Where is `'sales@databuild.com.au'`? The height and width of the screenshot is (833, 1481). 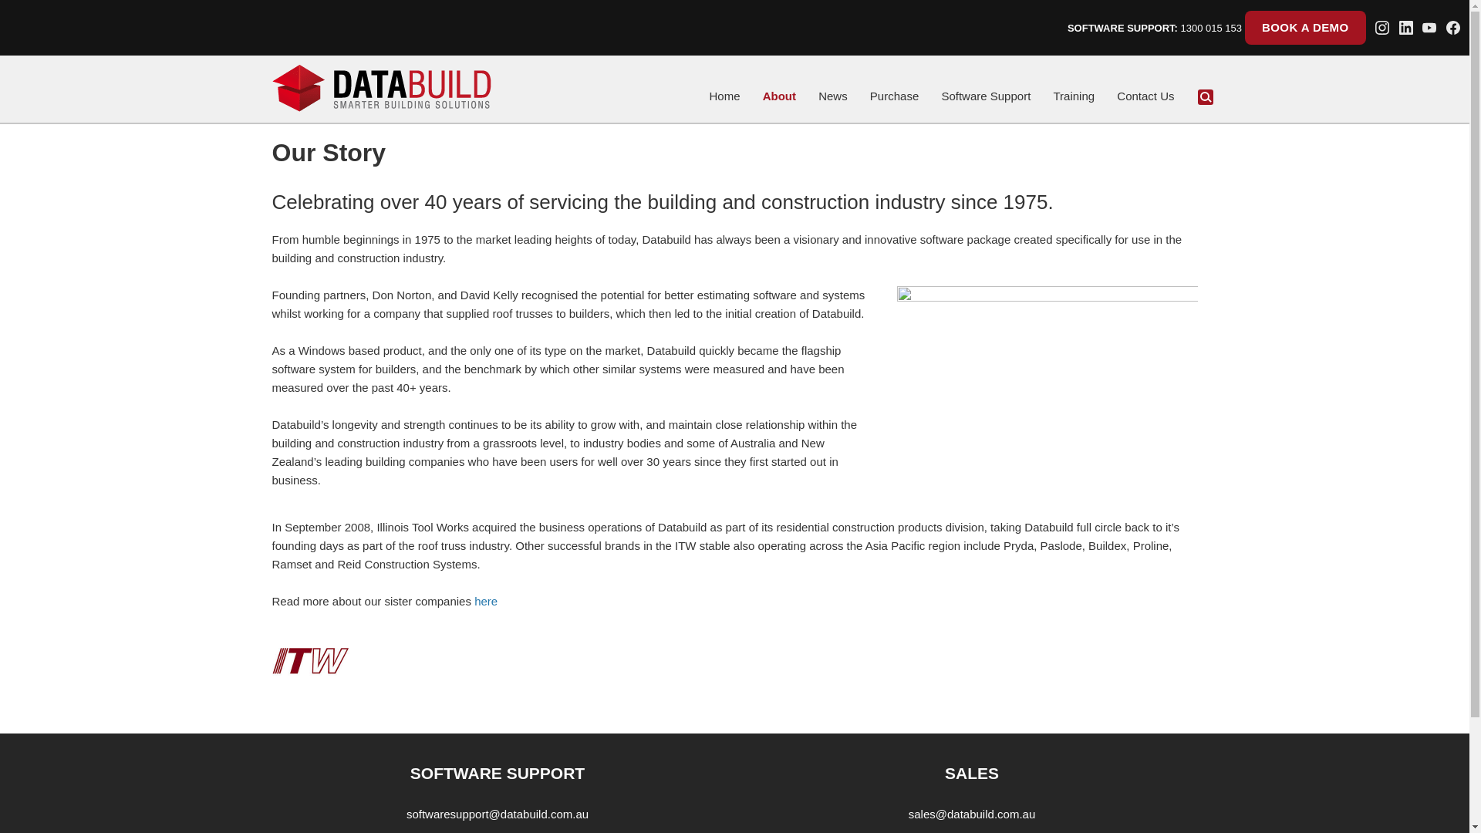
'sales@databuild.com.au' is located at coordinates (971, 813).